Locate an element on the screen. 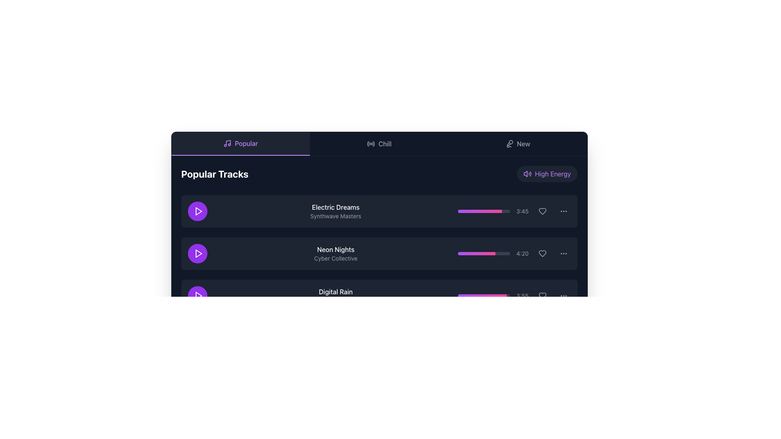 The height and width of the screenshot is (439, 781). the button with an ellipsis icon, which is located on the right edge of the row displaying the track information is located at coordinates (563, 211).